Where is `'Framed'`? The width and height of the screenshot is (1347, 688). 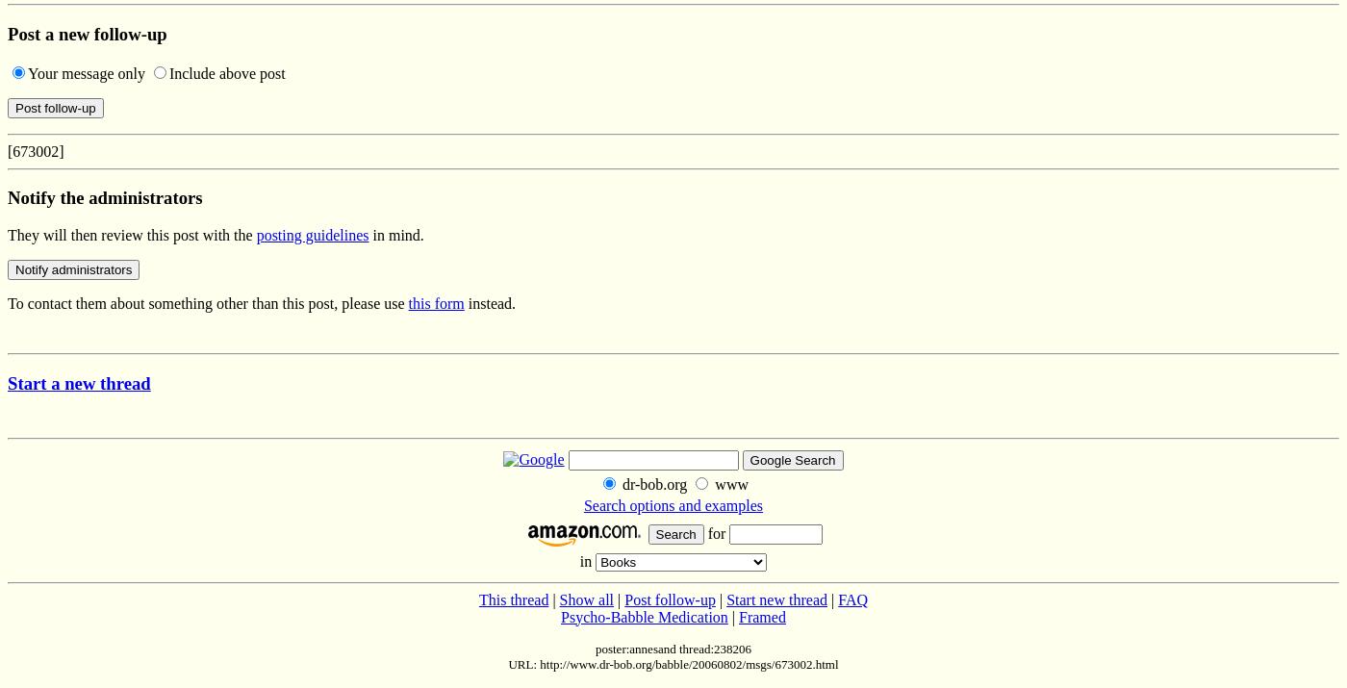 'Framed' is located at coordinates (760, 615).